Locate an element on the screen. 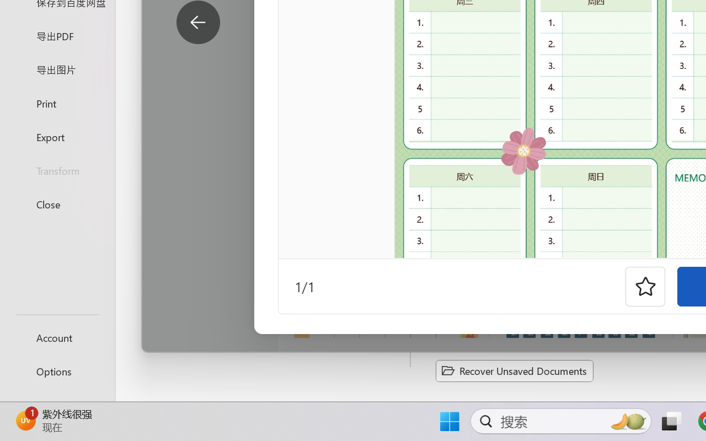 The image size is (706, 441). 'Account' is located at coordinates (57, 337).